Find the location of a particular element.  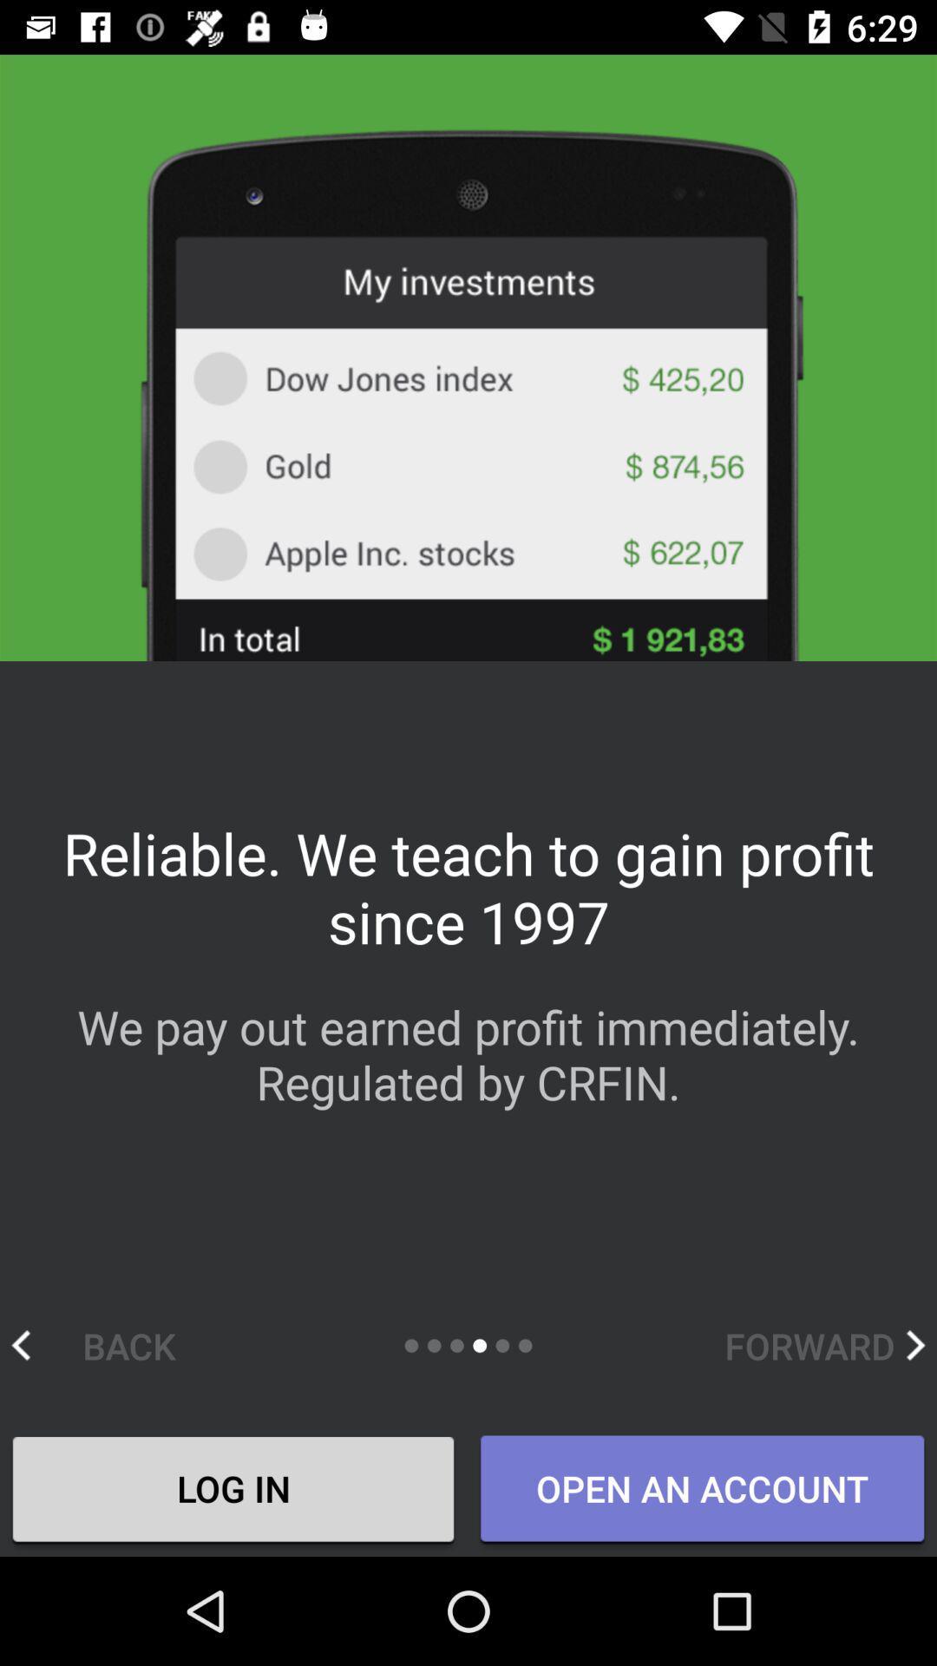

the item above the open an account icon is located at coordinates (824, 1344).